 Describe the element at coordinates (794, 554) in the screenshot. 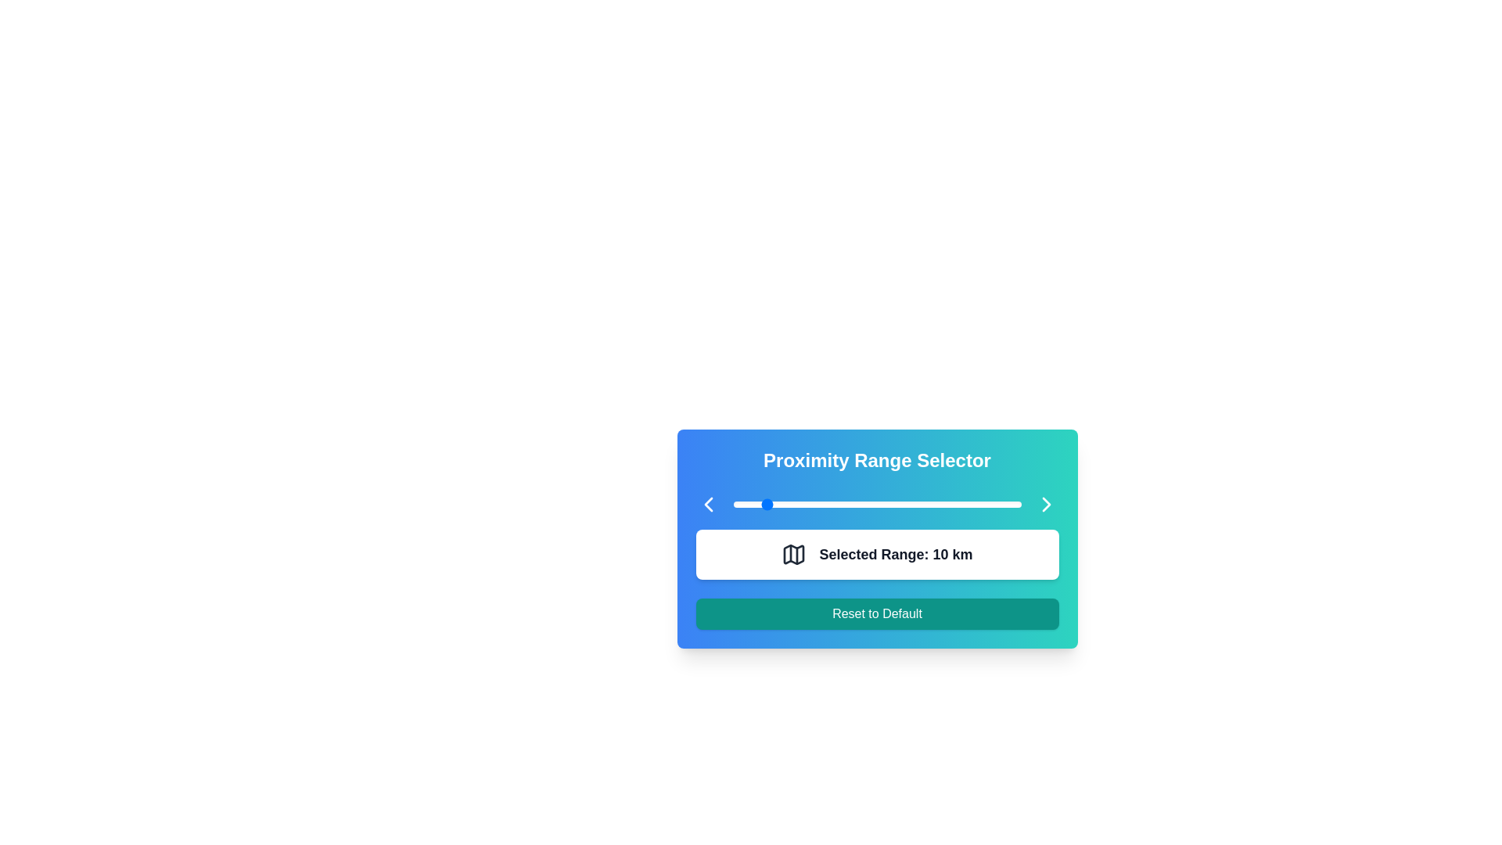

I see `the black map-like icon located to the left of the text 'Selected Range: 10 km' within a card-like UI component` at that location.